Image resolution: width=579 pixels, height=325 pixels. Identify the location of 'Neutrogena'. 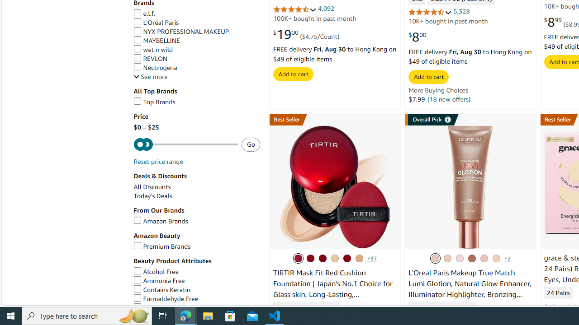
(196, 67).